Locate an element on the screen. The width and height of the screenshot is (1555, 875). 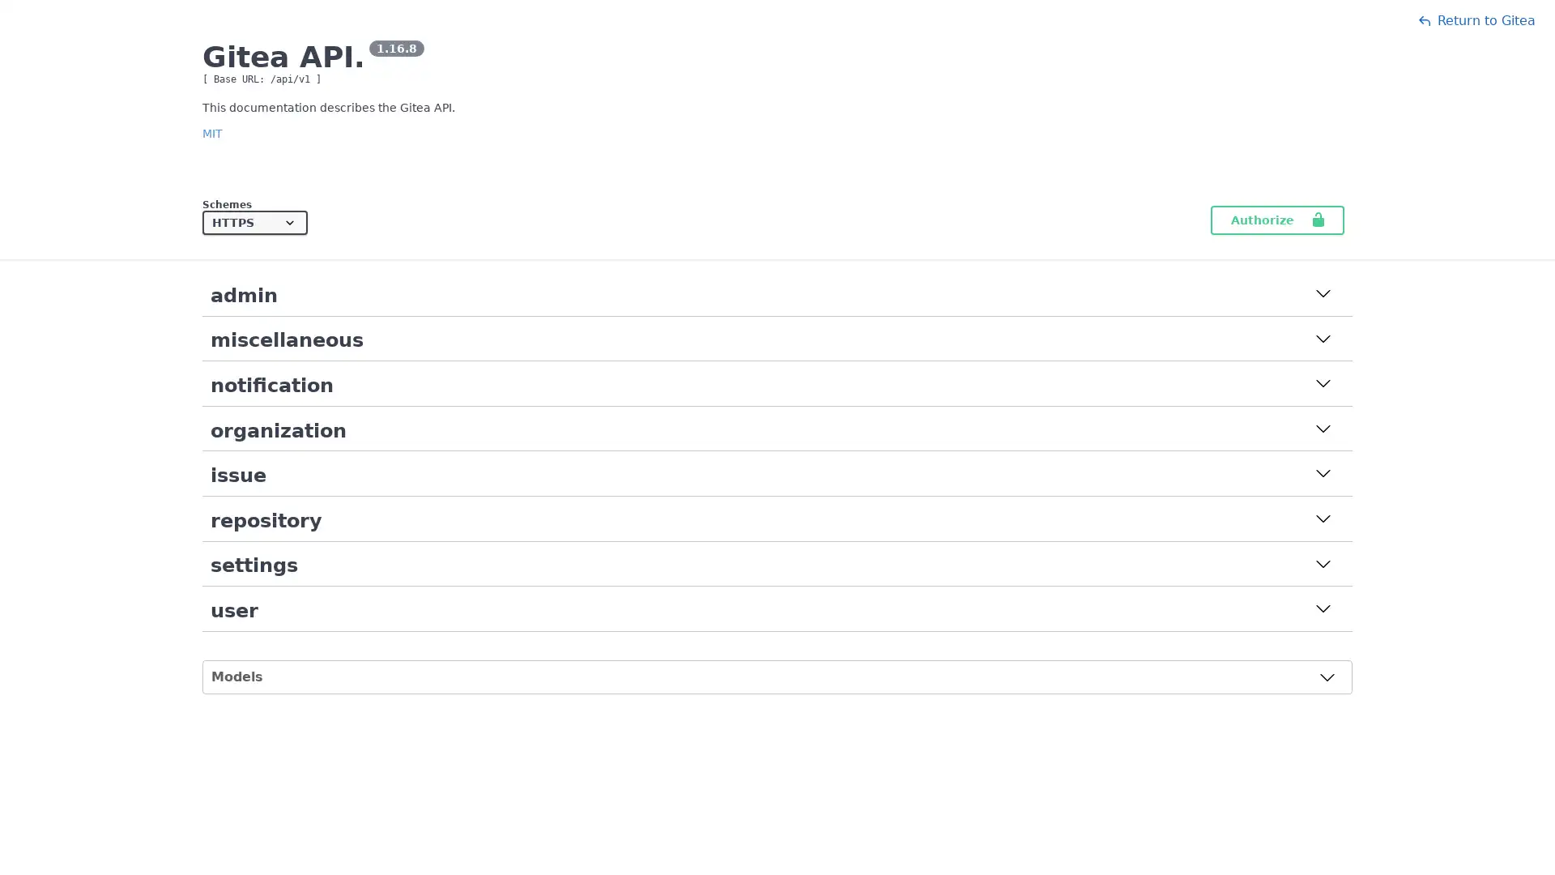
Expand operation is located at coordinates (1323, 295).